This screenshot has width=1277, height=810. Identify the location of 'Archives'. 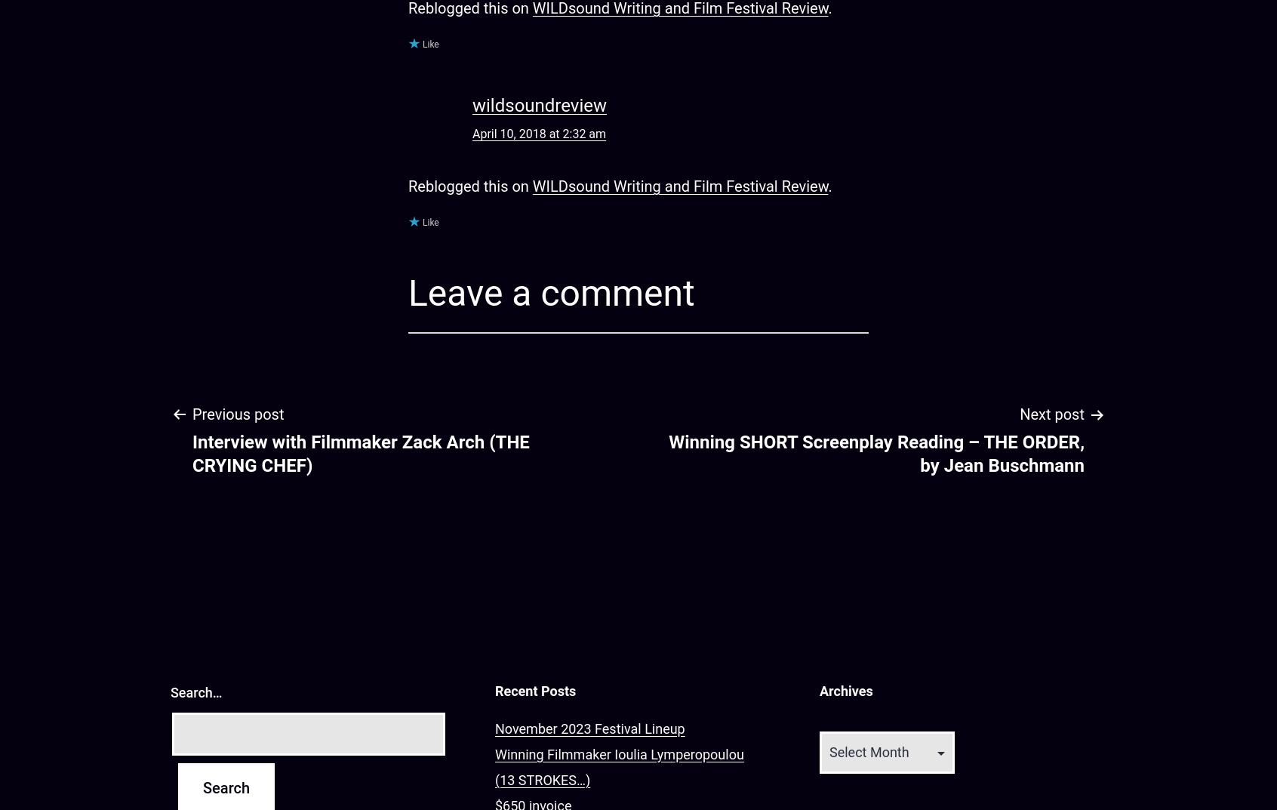
(845, 691).